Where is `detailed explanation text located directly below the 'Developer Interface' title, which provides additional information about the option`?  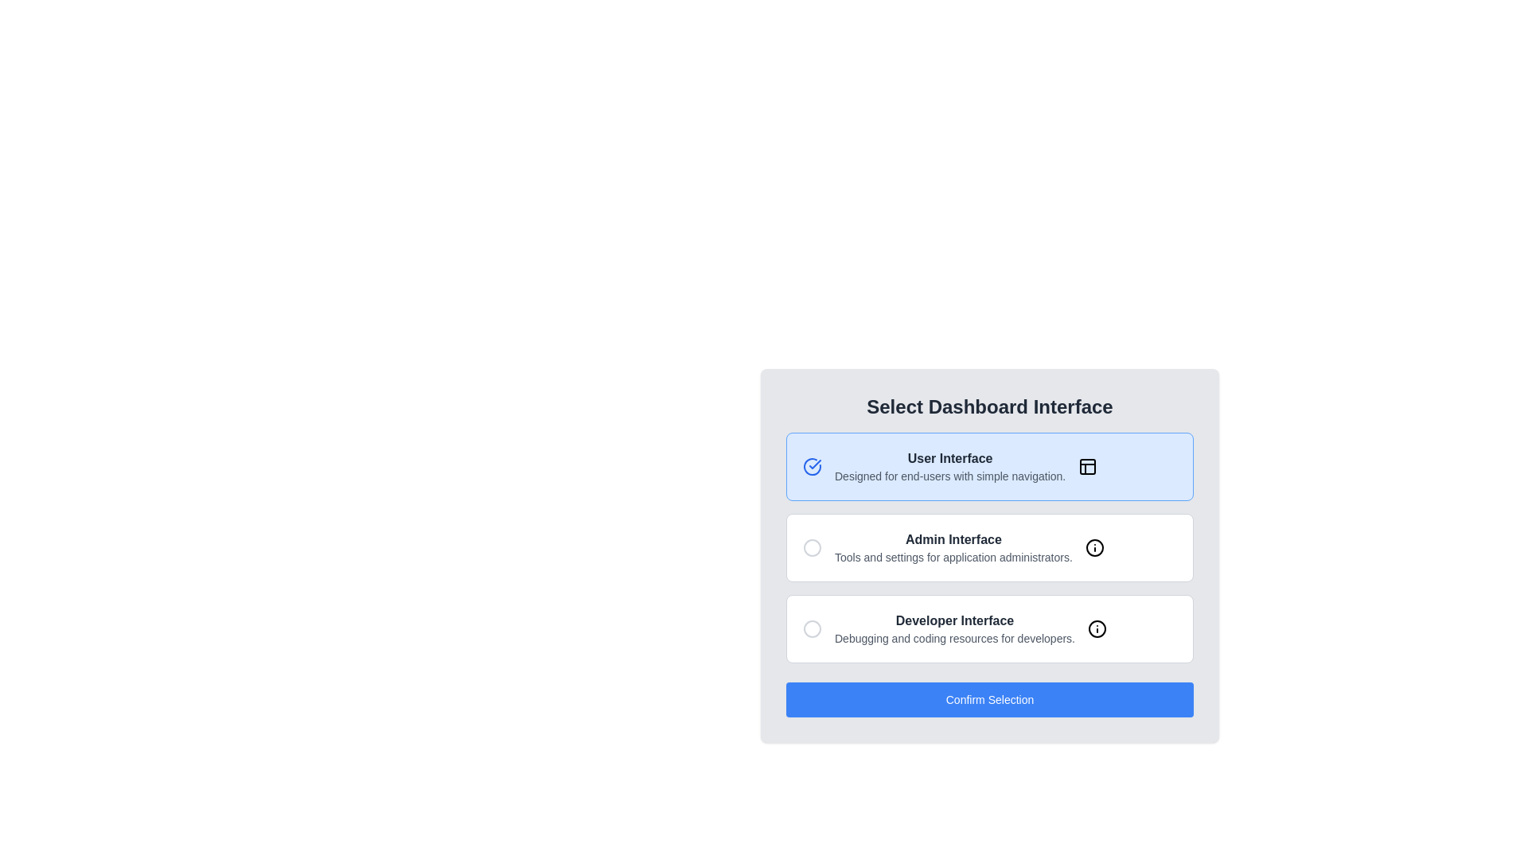
detailed explanation text located directly below the 'Developer Interface' title, which provides additional information about the option is located at coordinates (955, 637).